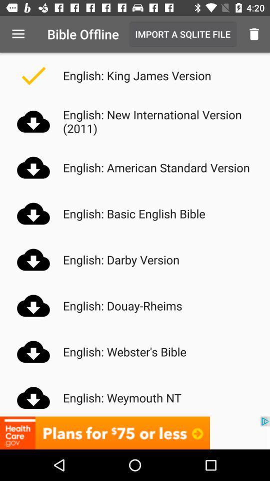 This screenshot has width=270, height=481. Describe the element at coordinates (135, 432) in the screenshot. I see `advertisement banner` at that location.